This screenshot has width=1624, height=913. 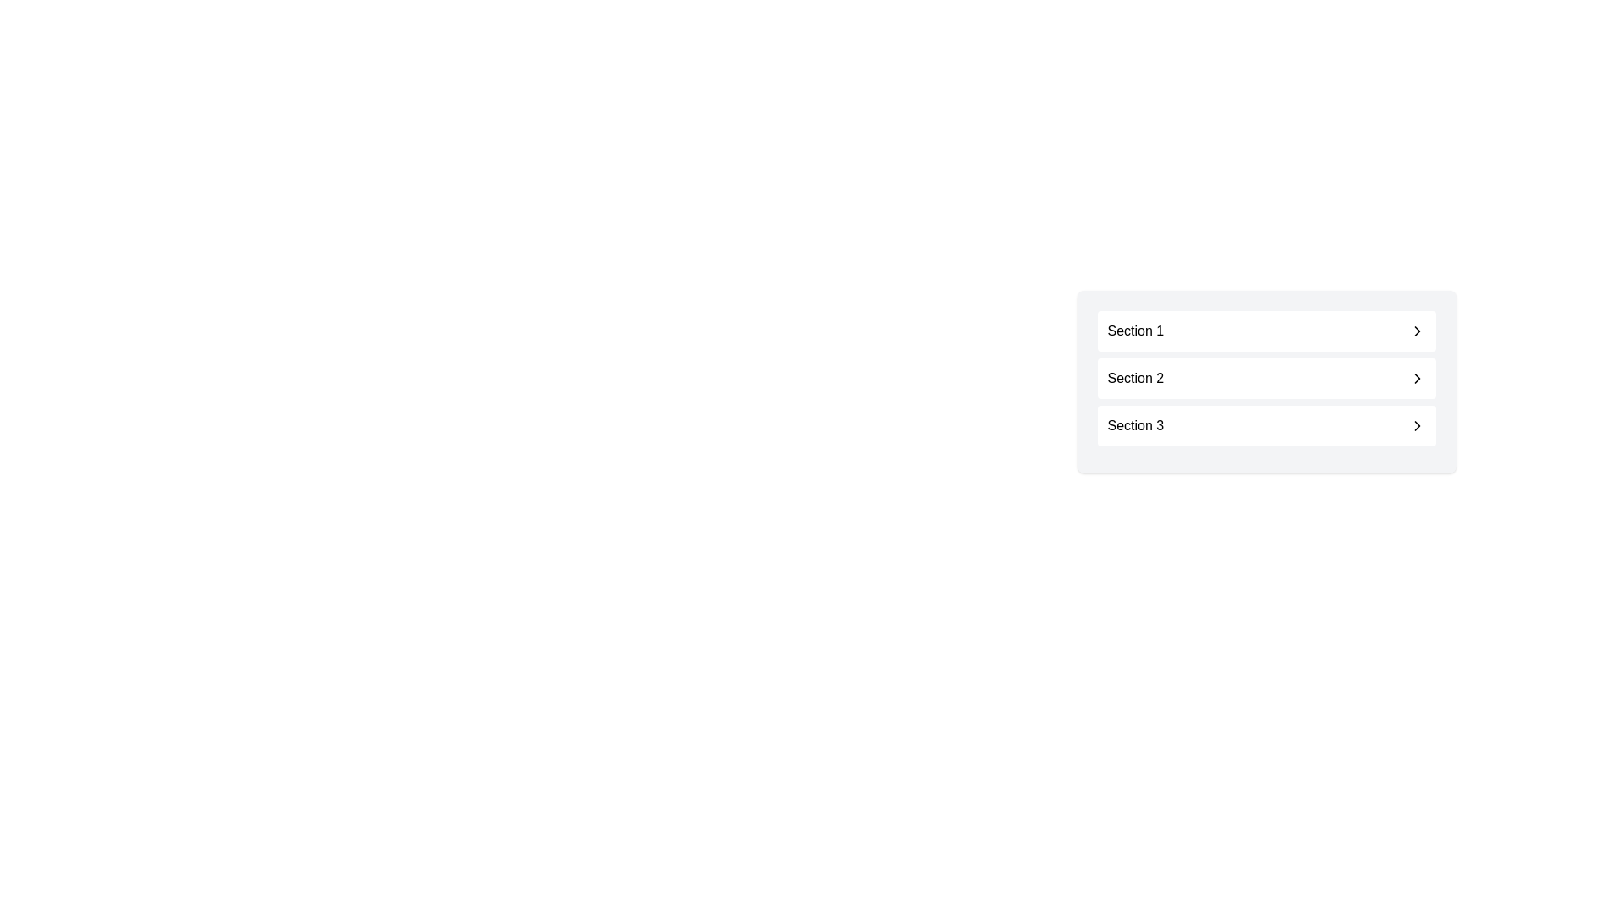 I want to click on the navigational item labeled 'Section 2', so click(x=1266, y=377).